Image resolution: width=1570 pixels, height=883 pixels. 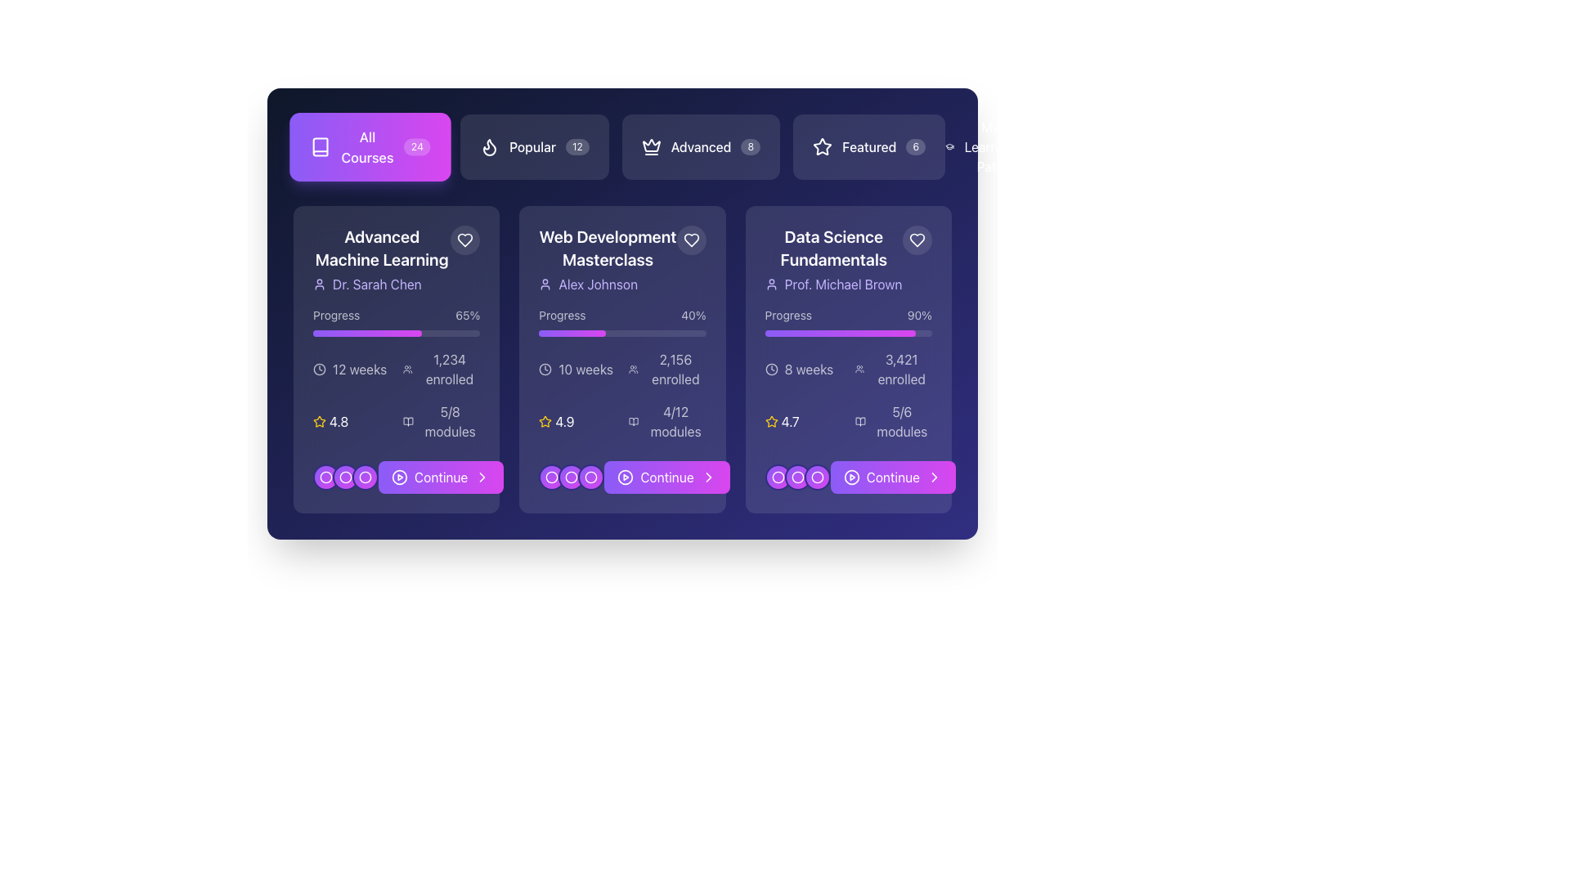 What do you see at coordinates (351, 369) in the screenshot?
I see `the descriptive label displaying the text '12 weeks' and a clock icon, located in the 'Advanced Machine Learning' section of the leftmost card, above the '1,234 enrolled' information` at bounding box center [351, 369].